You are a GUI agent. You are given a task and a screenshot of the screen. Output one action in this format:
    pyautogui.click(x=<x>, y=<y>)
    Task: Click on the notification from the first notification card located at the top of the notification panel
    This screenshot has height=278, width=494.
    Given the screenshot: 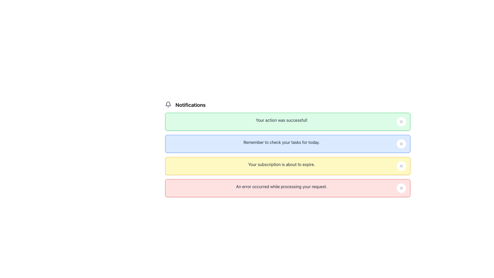 What is the action you would take?
    pyautogui.click(x=287, y=122)
    